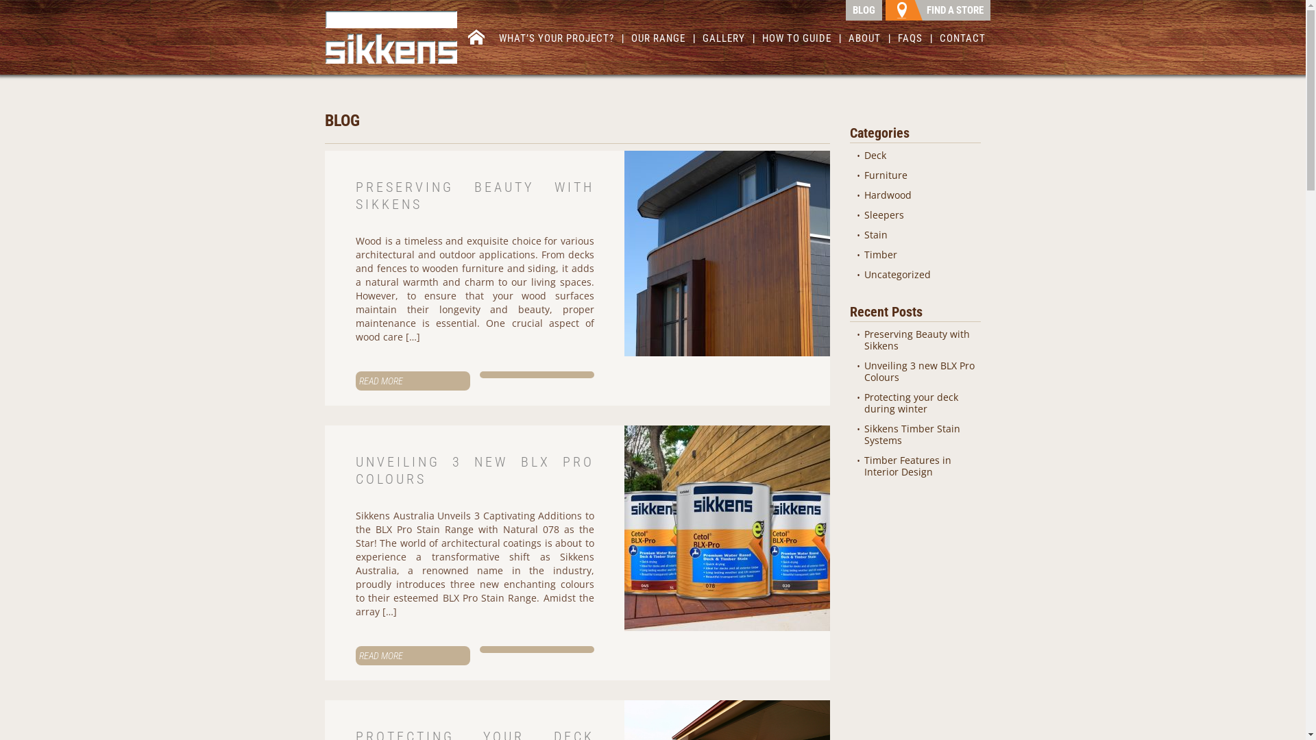  Describe the element at coordinates (888, 195) in the screenshot. I see `'Hardwood'` at that location.